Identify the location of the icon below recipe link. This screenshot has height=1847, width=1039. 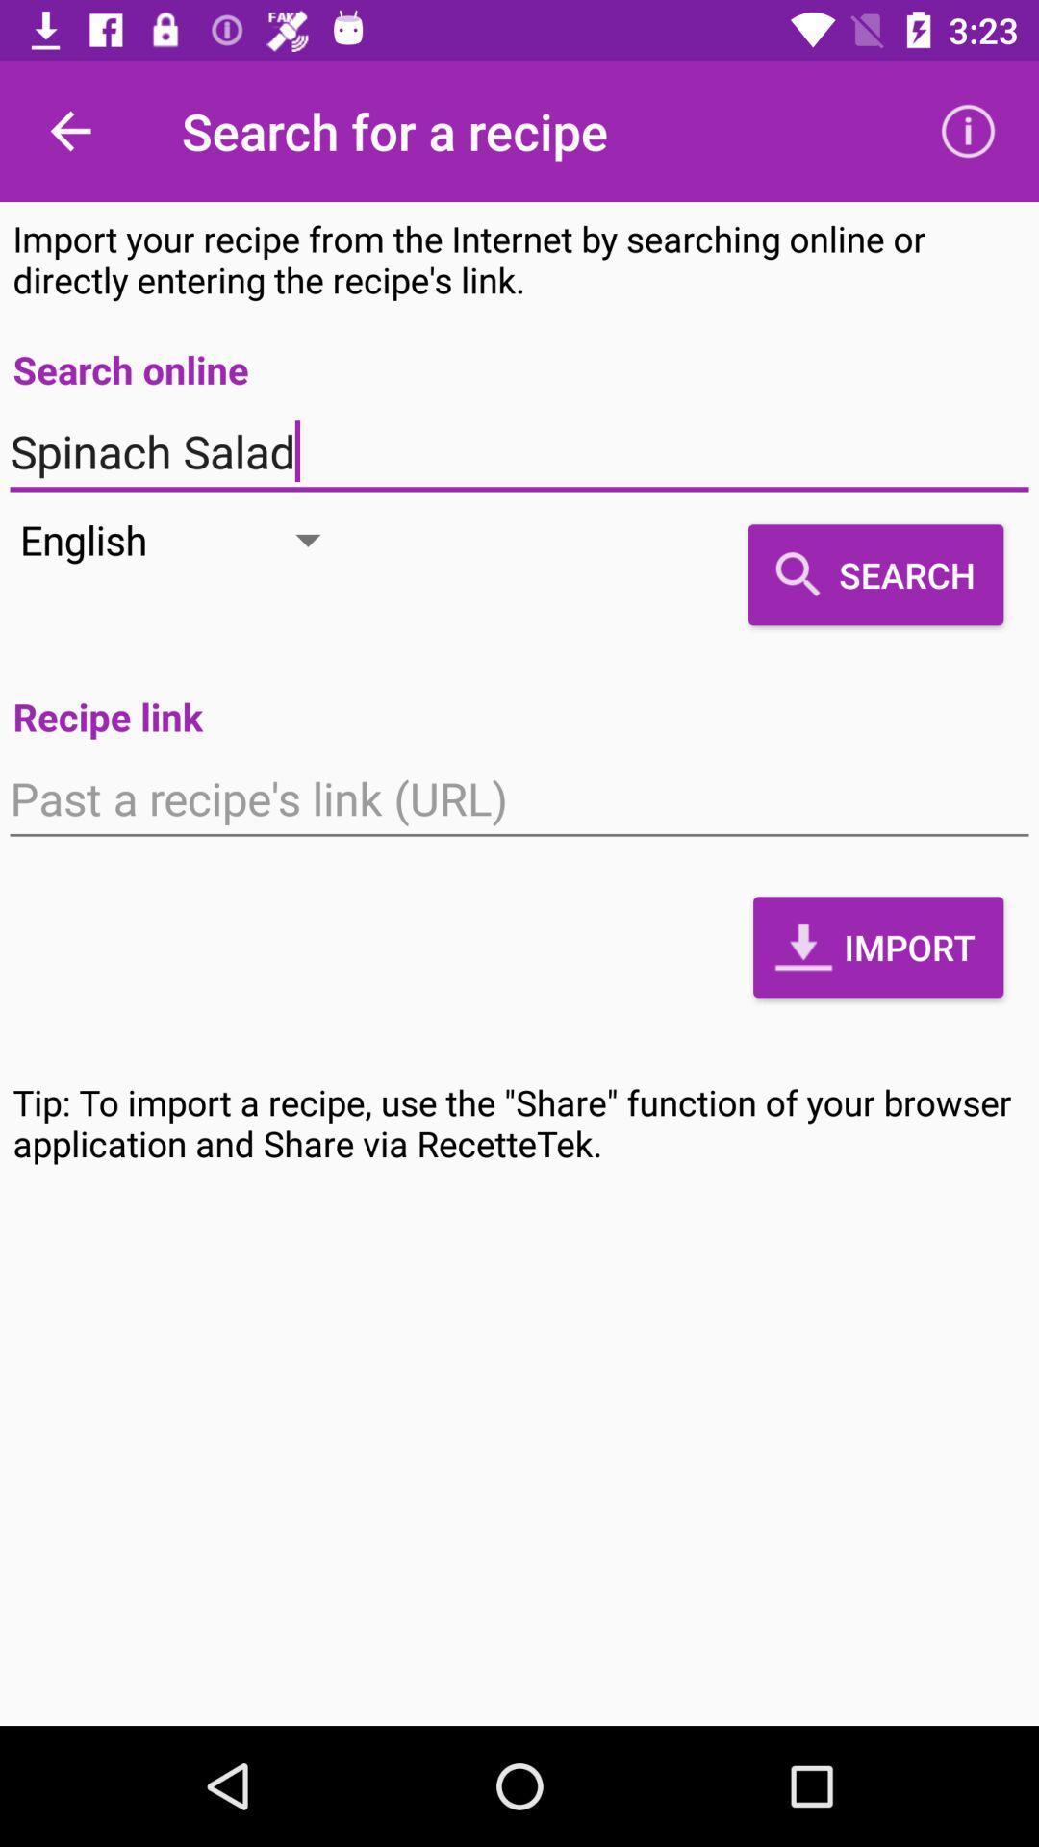
(519, 798).